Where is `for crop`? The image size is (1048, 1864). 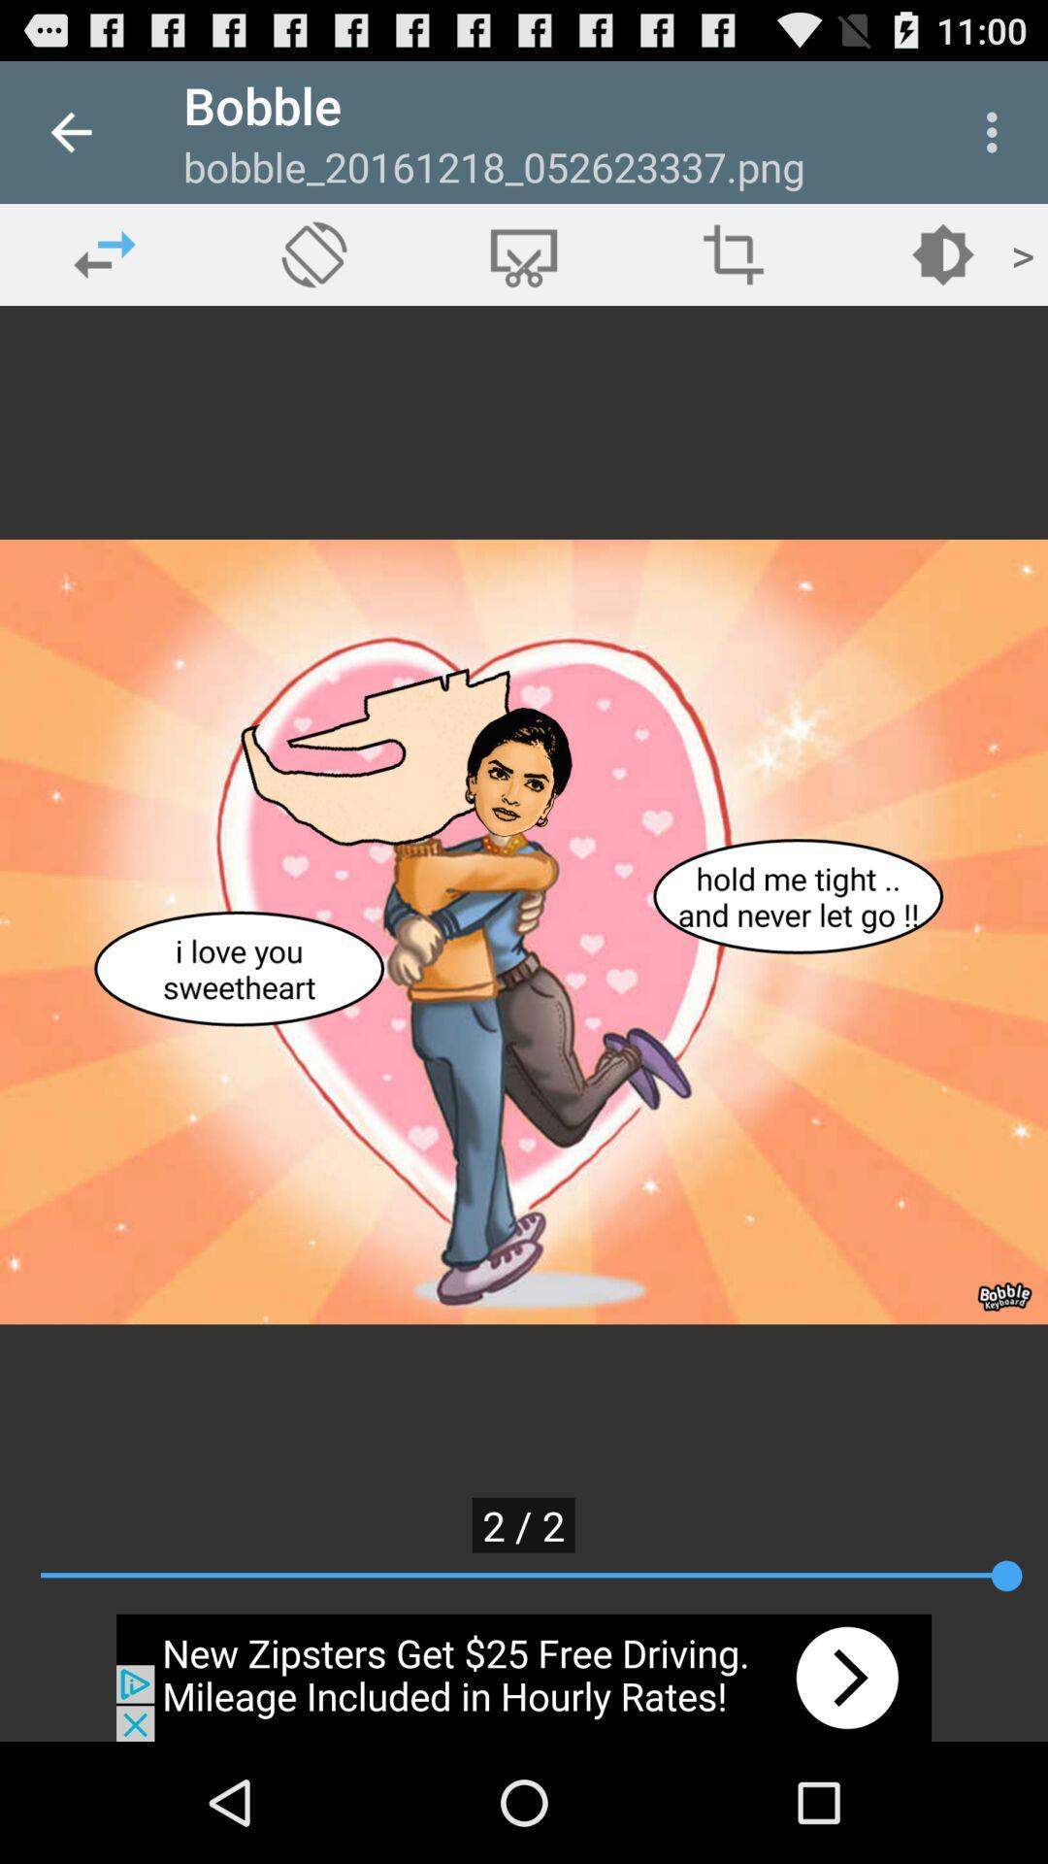 for crop is located at coordinates (524, 253).